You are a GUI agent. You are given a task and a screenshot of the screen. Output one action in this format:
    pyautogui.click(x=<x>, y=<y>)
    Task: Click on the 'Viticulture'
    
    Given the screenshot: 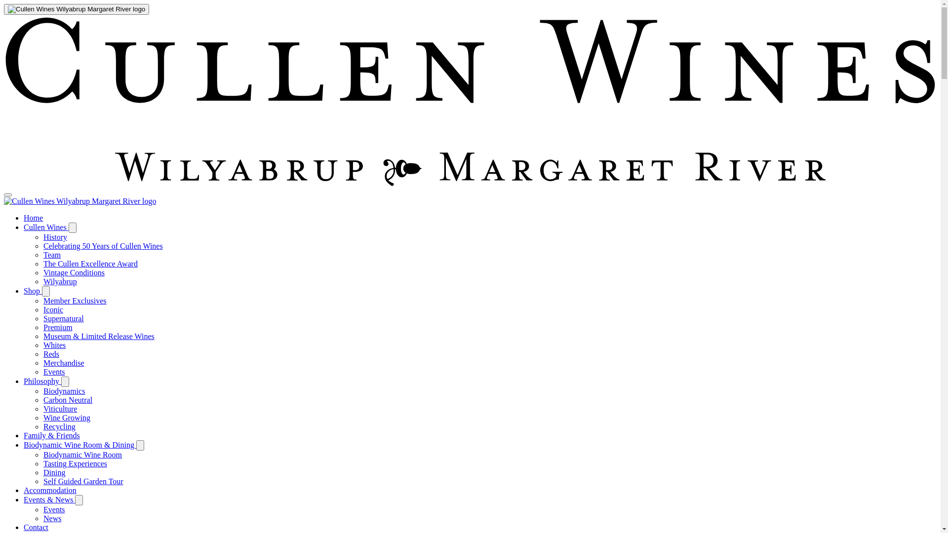 What is the action you would take?
    pyautogui.click(x=42, y=409)
    